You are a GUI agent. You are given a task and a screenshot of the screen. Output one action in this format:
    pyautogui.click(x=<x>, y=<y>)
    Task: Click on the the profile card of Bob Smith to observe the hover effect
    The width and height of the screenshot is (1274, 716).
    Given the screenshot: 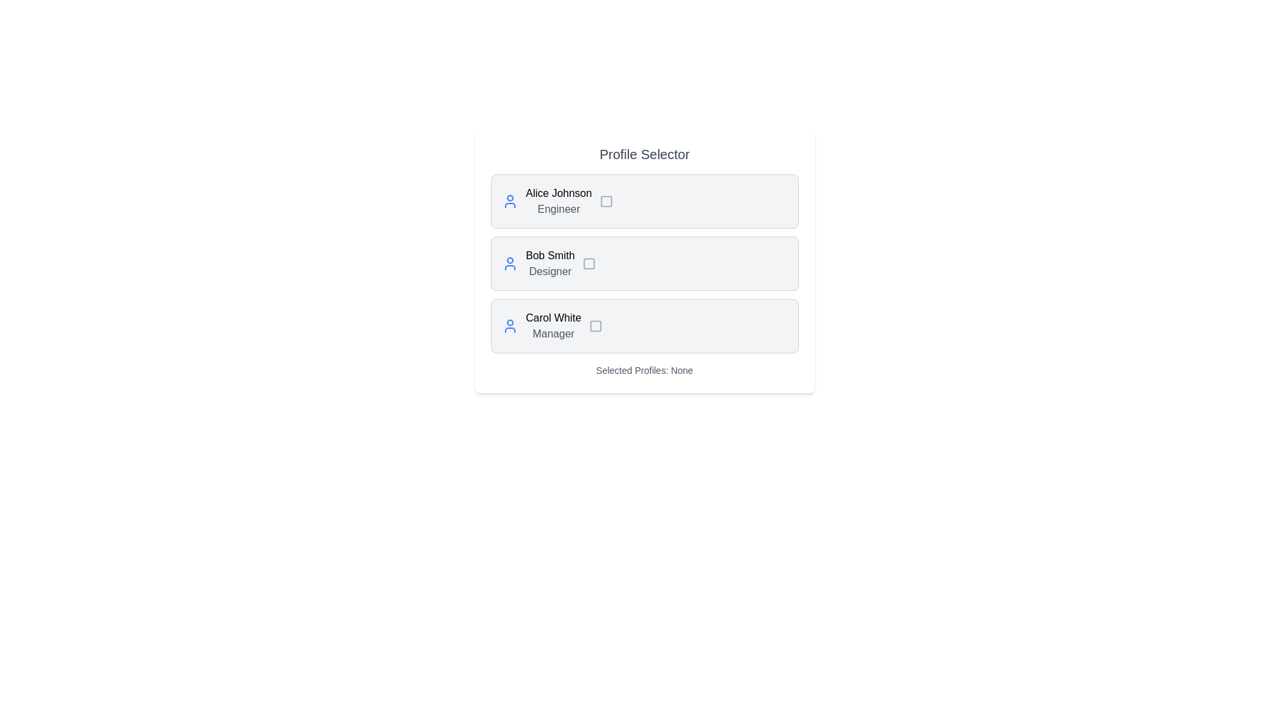 What is the action you would take?
    pyautogui.click(x=644, y=263)
    